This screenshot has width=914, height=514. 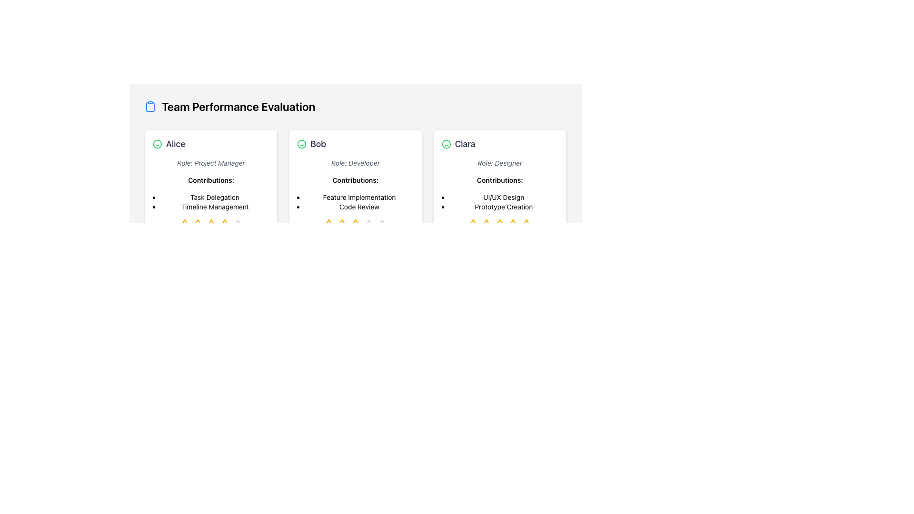 What do you see at coordinates (184, 225) in the screenshot?
I see `the first yellow star icon in the Team Performance Evaluation section of the Alice card for visual feedback` at bounding box center [184, 225].